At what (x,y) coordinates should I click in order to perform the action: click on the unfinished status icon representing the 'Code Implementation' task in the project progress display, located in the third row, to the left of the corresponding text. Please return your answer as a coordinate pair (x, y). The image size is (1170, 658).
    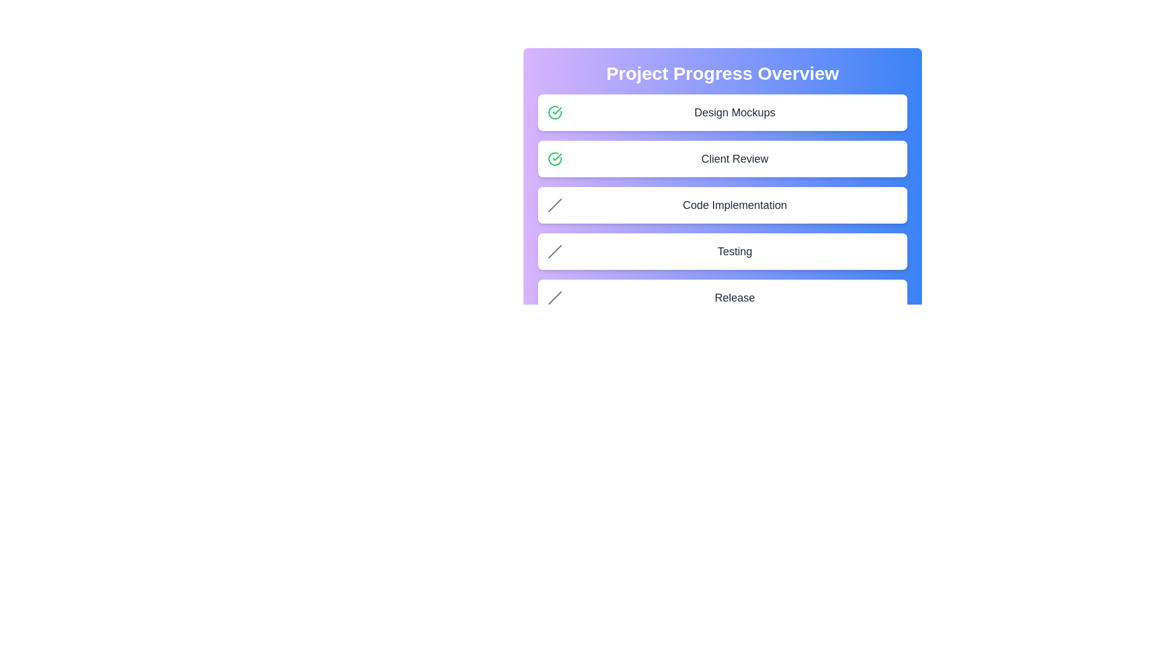
    Looking at the image, I should click on (555, 204).